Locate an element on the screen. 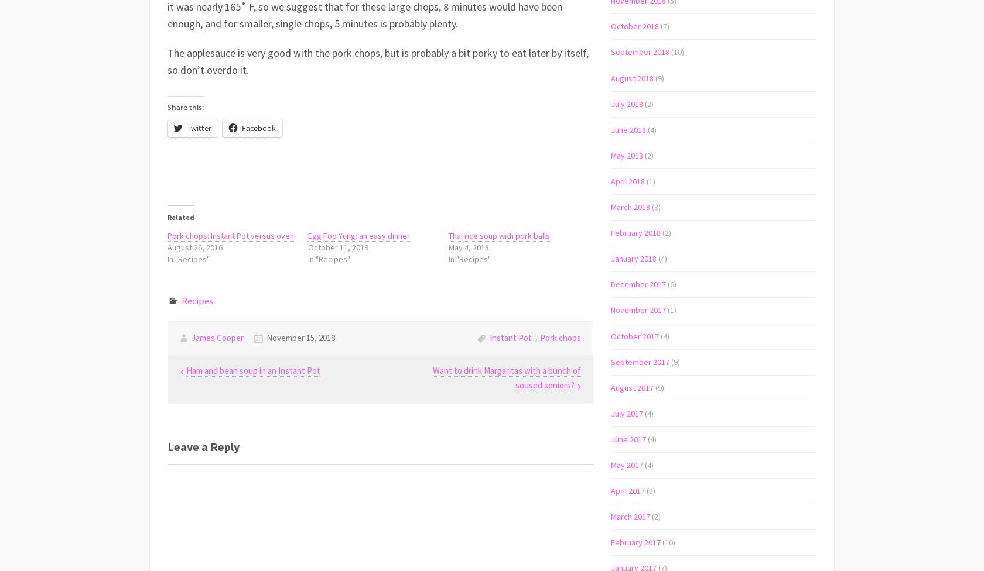 The height and width of the screenshot is (571, 984). 'February 2017' is located at coordinates (635, 542).